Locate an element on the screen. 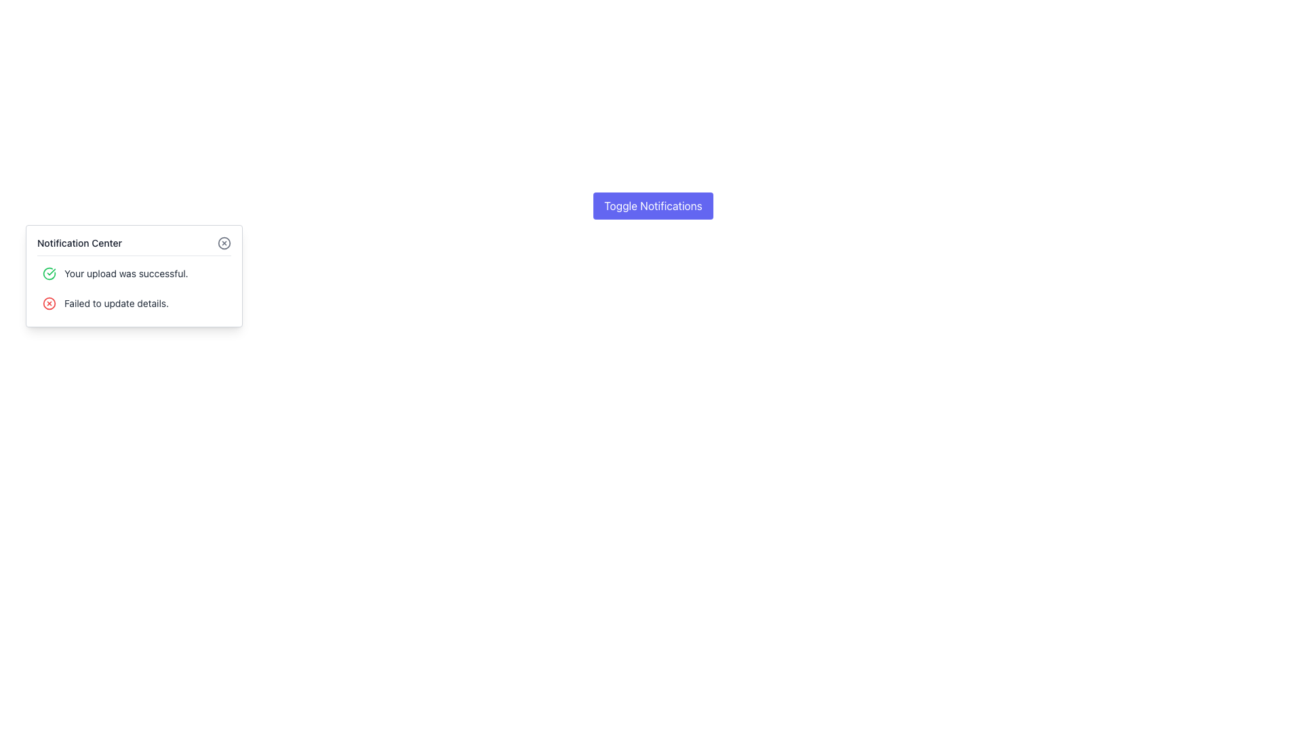 This screenshot has height=732, width=1302. the text label displaying 'Your upload was successful.' which is styled in a small gray font and positioned to the right of a green checkmark icon within a notification card is located at coordinates (126, 274).